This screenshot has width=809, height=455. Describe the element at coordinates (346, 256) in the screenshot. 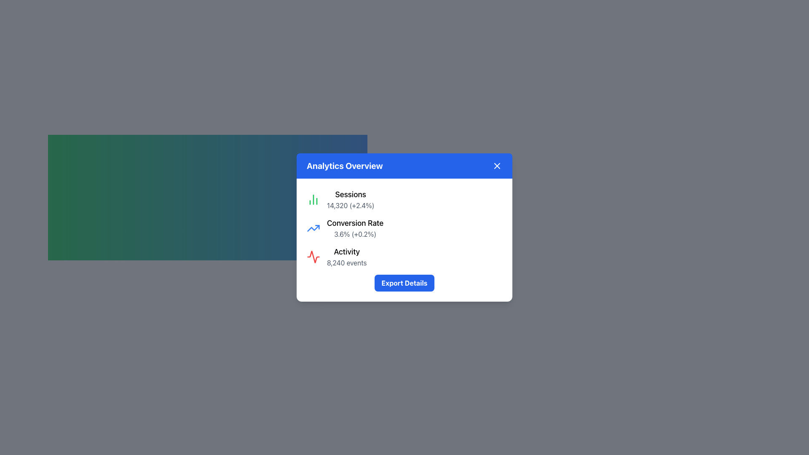

I see `the Text Display element showing 'Activity' with 8,240 events, located within the 'Analytics Overview' dialog below 'Conversion Rate'` at that location.